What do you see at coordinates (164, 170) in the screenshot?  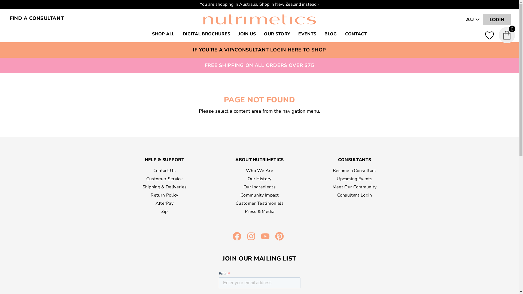 I see `'Contact Us'` at bounding box center [164, 170].